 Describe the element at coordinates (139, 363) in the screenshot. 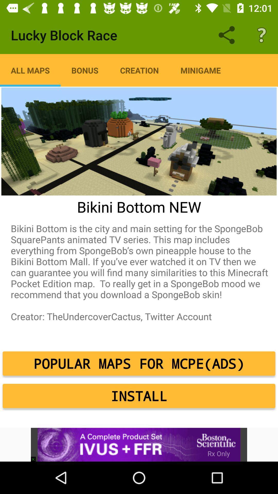

I see `icon below the bikini bottom is` at that location.